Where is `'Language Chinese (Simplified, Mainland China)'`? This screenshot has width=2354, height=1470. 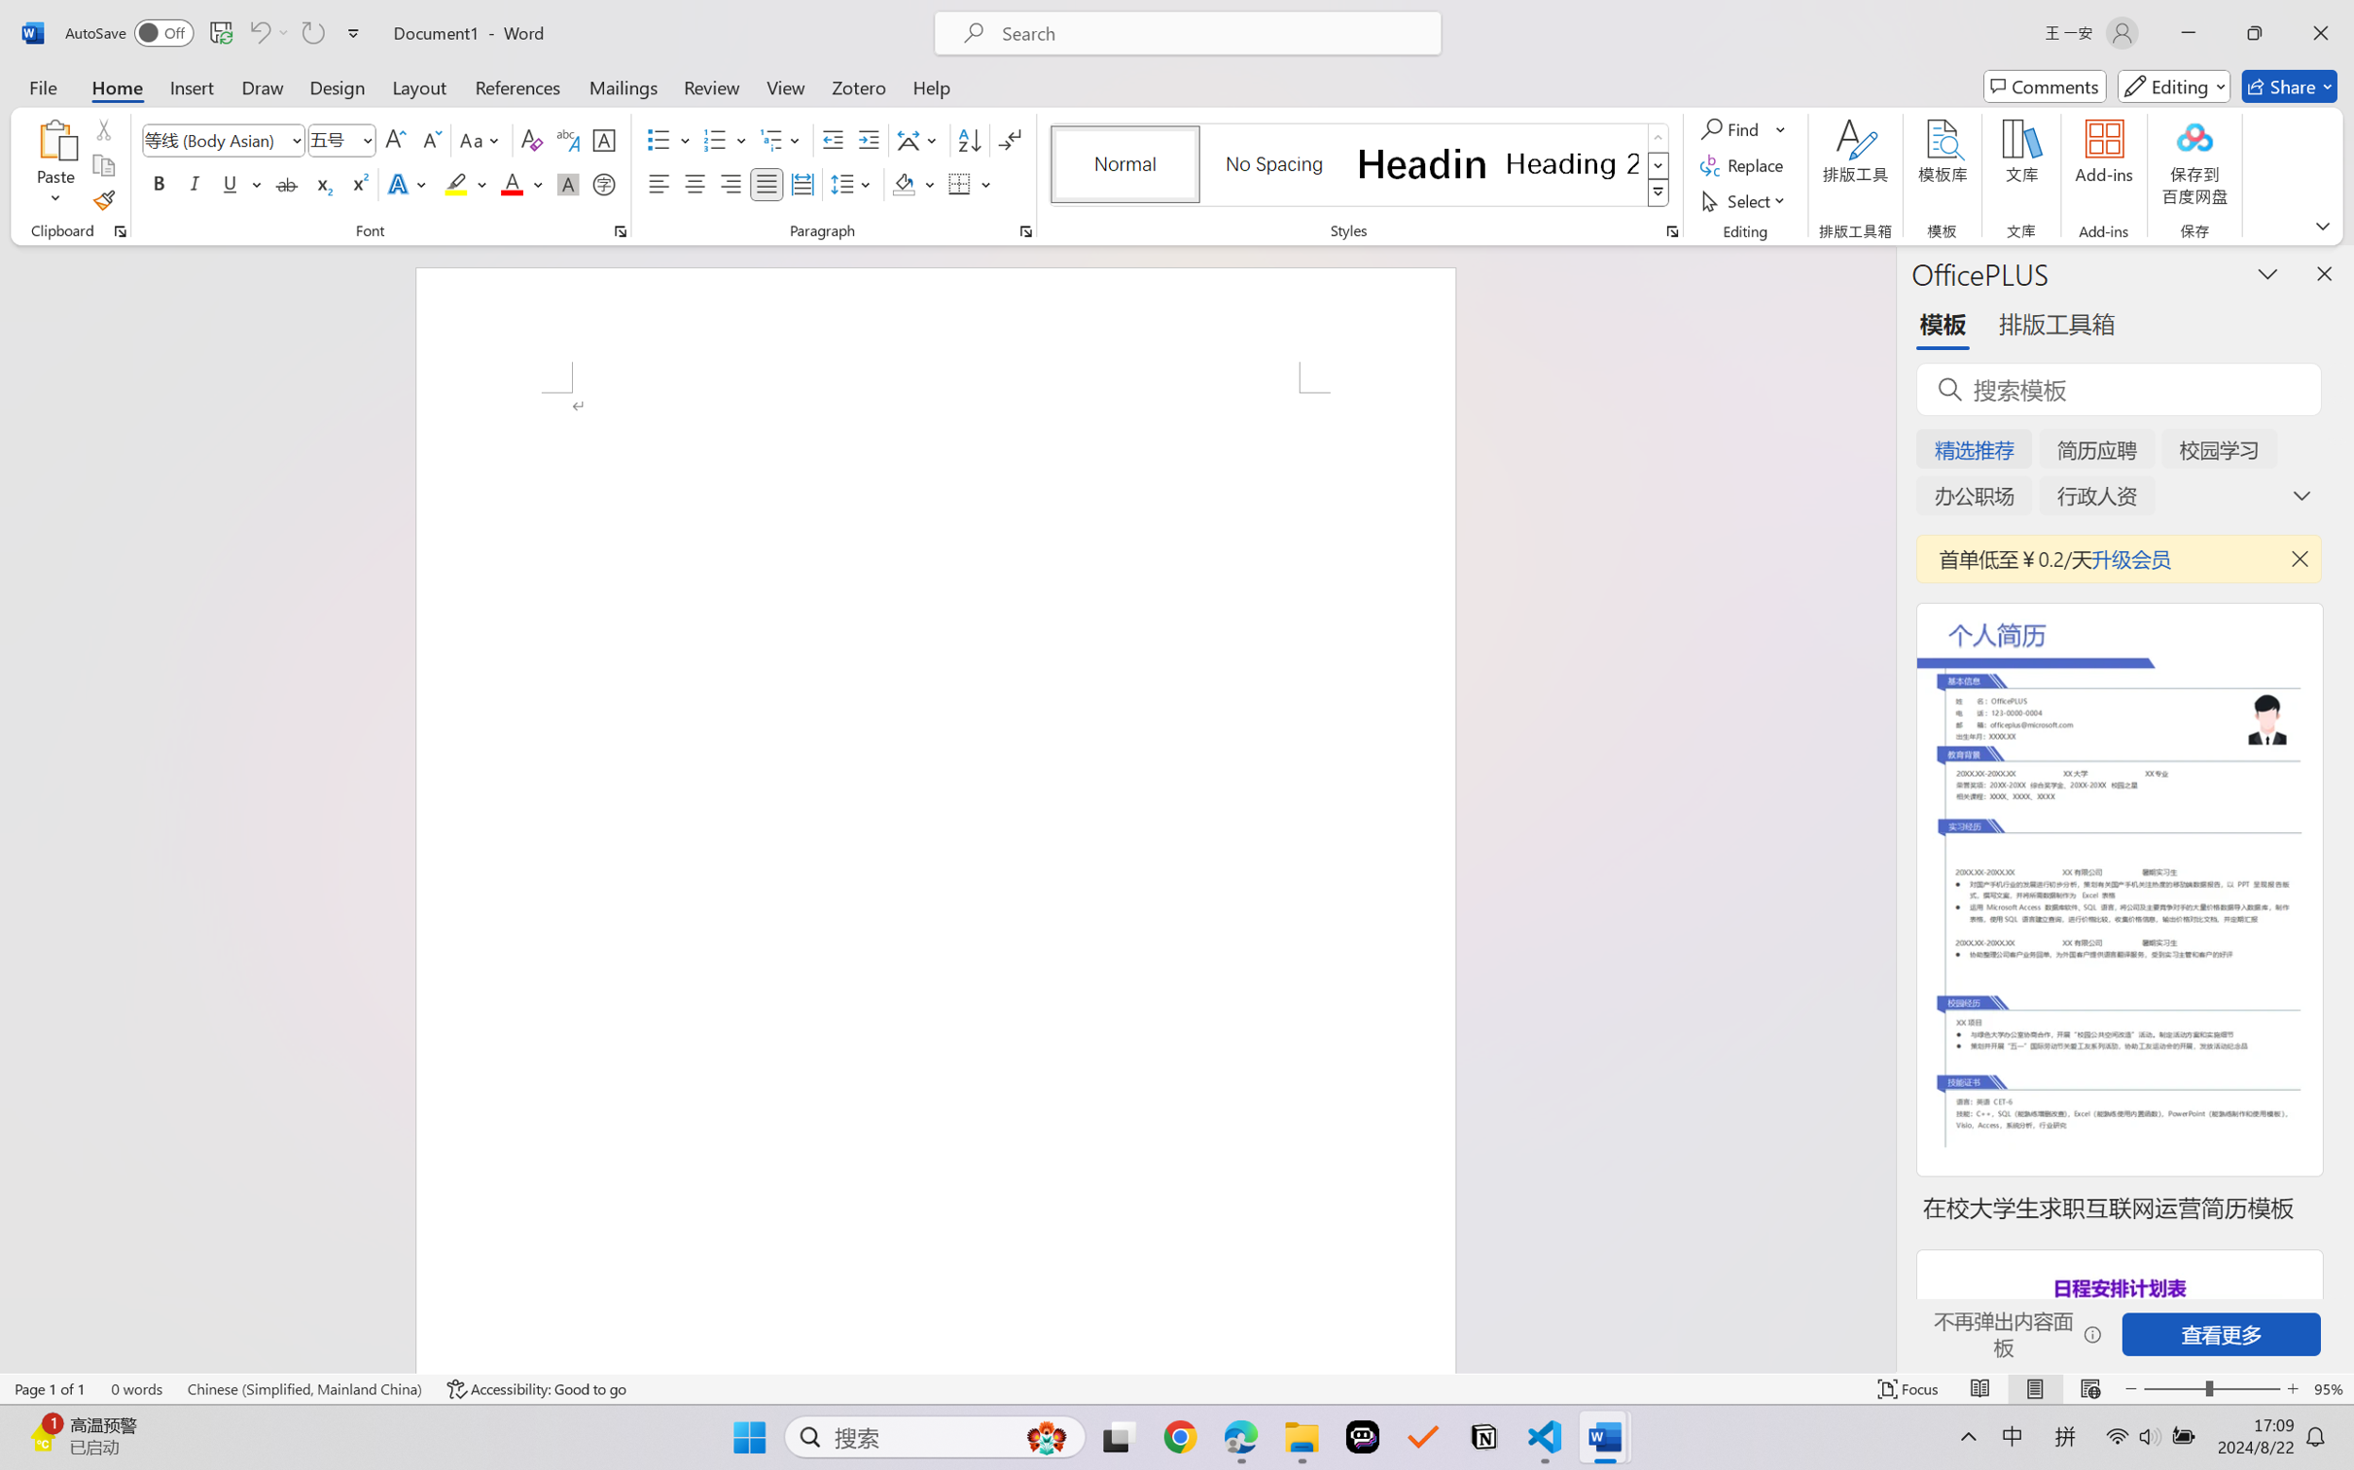 'Language Chinese (Simplified, Mainland China)' is located at coordinates (304, 1388).